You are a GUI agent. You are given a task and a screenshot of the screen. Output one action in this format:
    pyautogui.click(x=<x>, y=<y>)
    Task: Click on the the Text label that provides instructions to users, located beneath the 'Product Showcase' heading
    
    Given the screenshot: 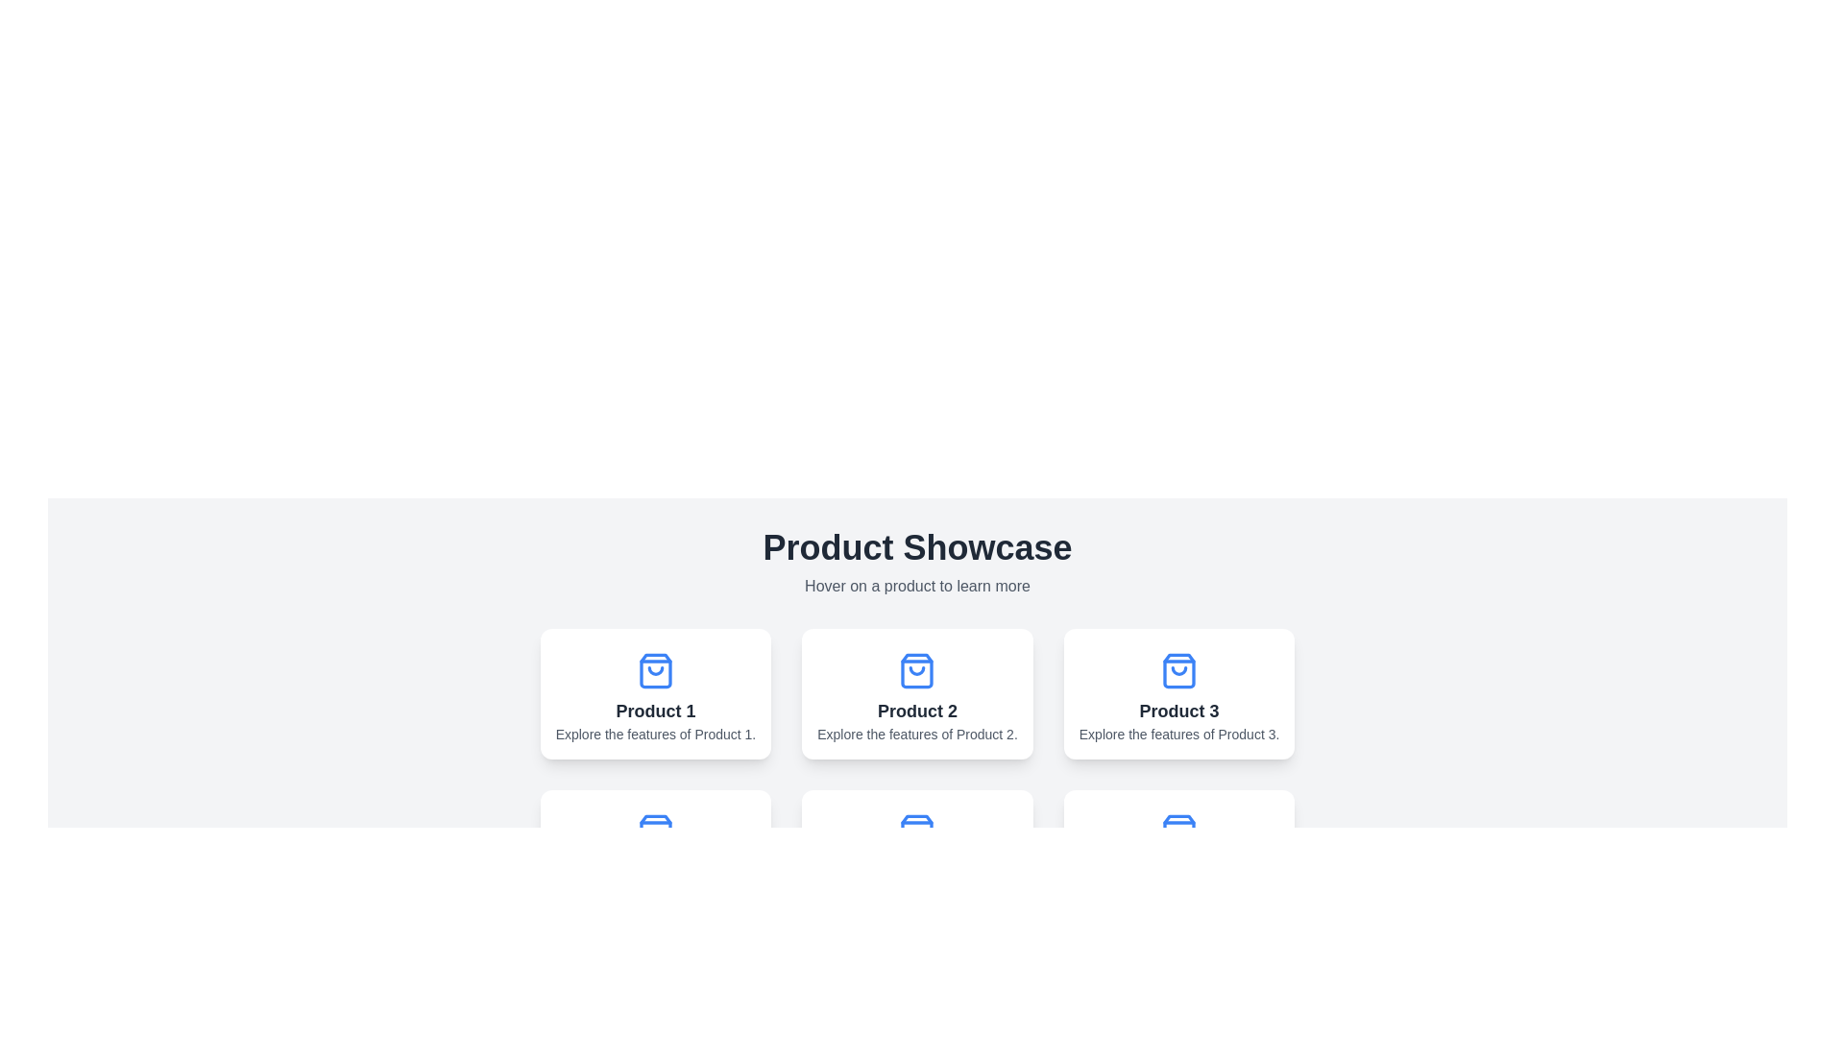 What is the action you would take?
    pyautogui.click(x=916, y=585)
    